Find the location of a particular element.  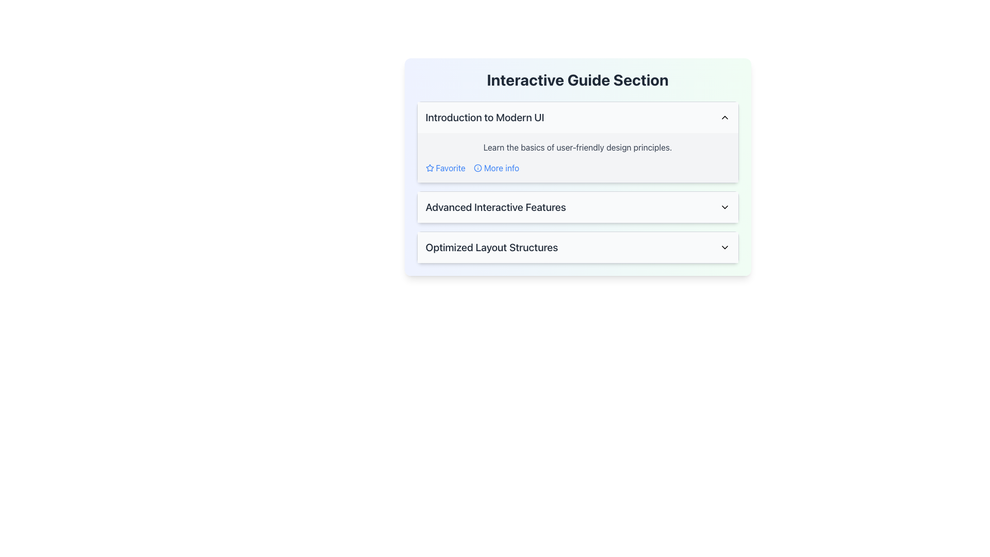

the static text element providing context in the 'Introduction to Modern UI' section, positioned above the 'Favorite' and 'More info' links is located at coordinates (577, 147).